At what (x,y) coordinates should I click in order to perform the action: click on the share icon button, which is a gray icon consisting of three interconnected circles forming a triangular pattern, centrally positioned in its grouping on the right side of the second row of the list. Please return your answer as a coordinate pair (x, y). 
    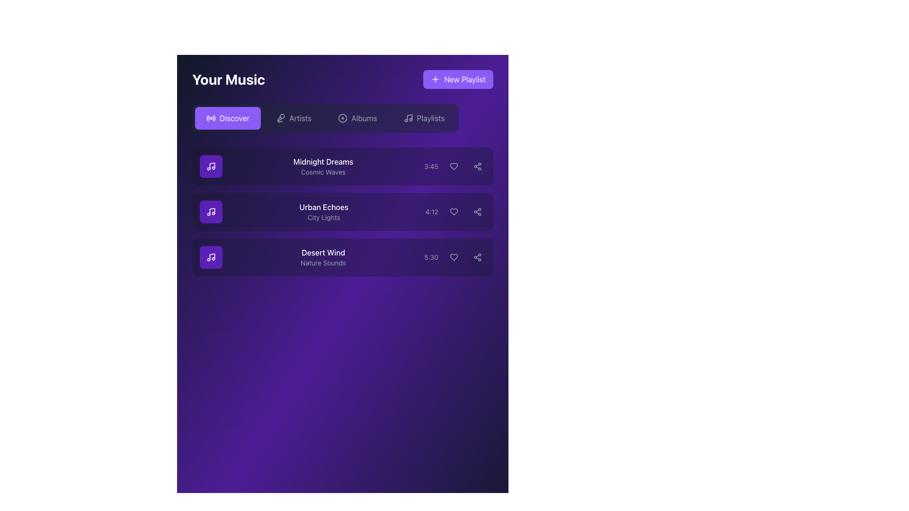
    Looking at the image, I should click on (477, 211).